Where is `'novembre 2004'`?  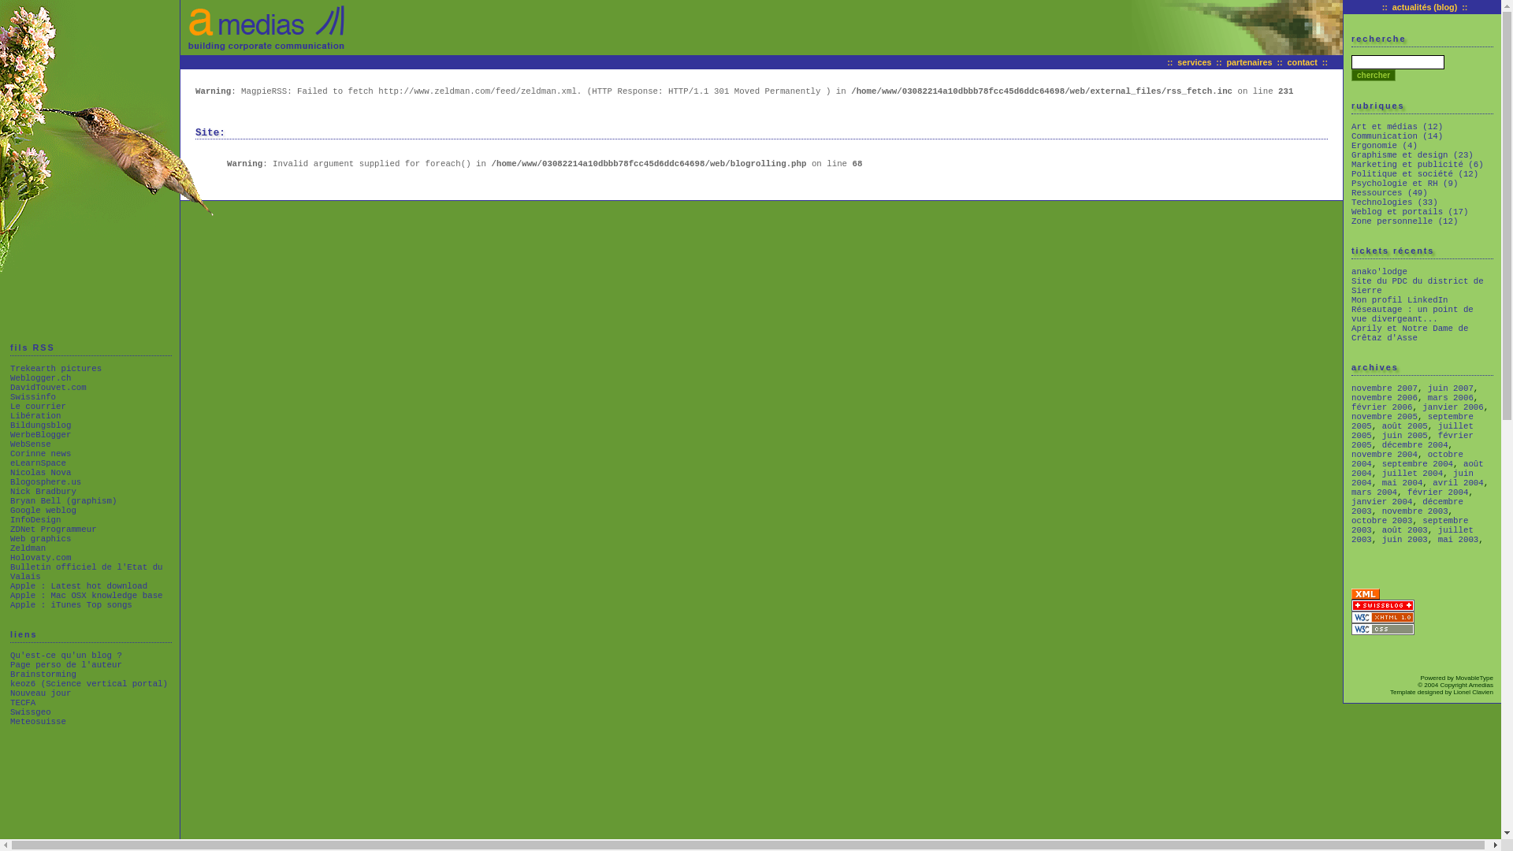 'novembre 2004' is located at coordinates (1383, 455).